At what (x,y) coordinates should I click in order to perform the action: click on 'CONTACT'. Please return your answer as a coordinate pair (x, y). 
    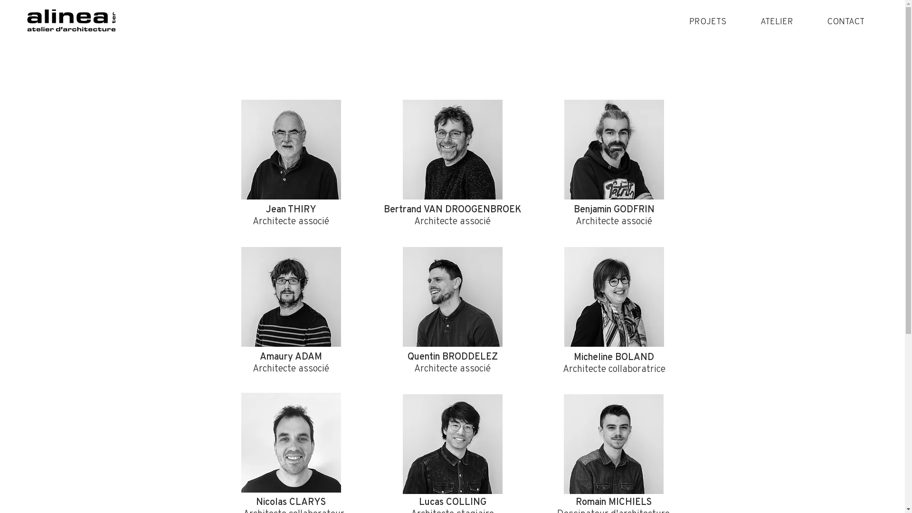
    Looking at the image, I should click on (845, 21).